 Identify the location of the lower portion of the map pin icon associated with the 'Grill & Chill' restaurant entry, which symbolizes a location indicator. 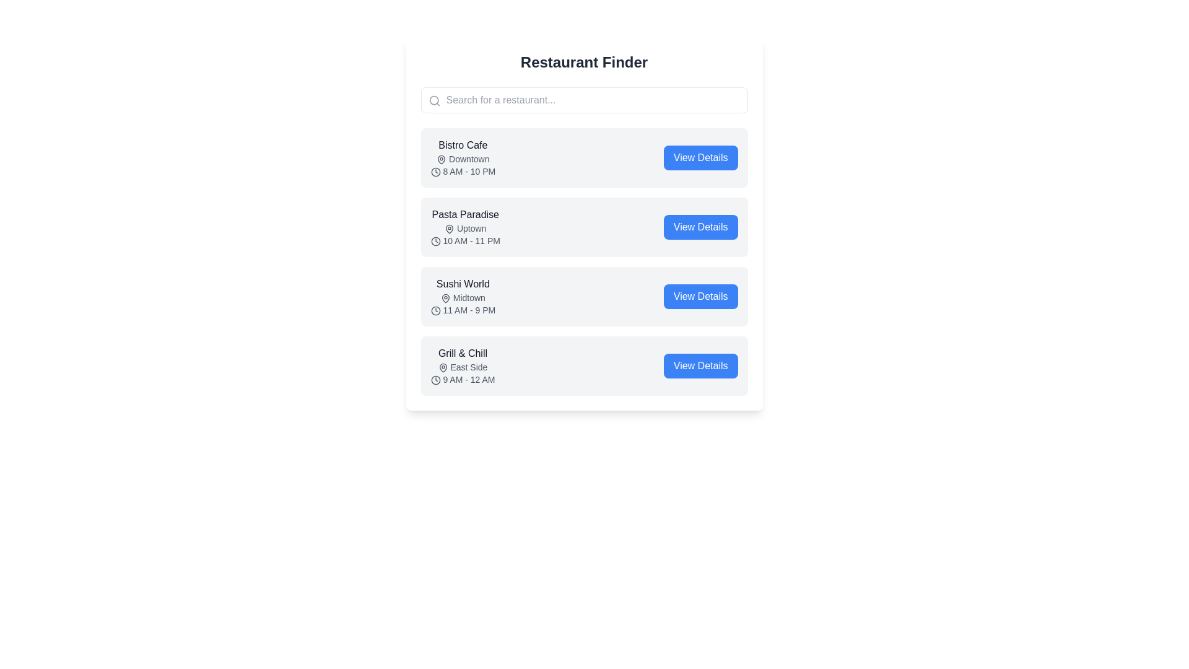
(443, 367).